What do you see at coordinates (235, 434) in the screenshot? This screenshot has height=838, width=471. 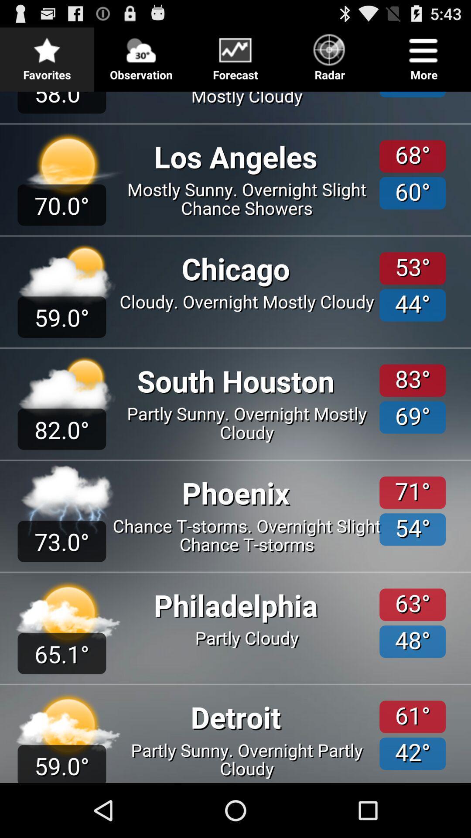 I see `get the forecast` at bounding box center [235, 434].